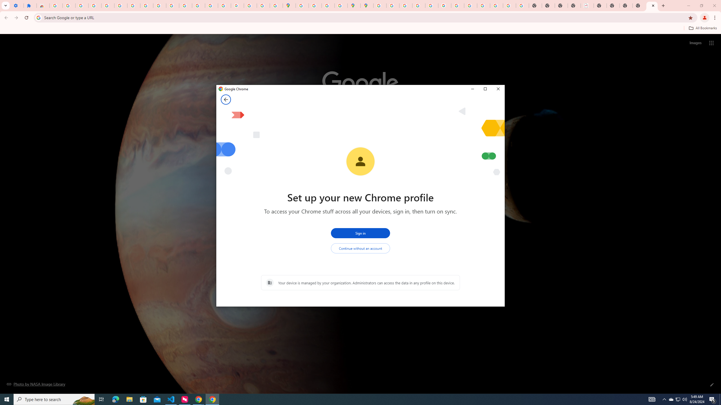  I want to click on 'Search highlights icon opens search home window', so click(83, 399).